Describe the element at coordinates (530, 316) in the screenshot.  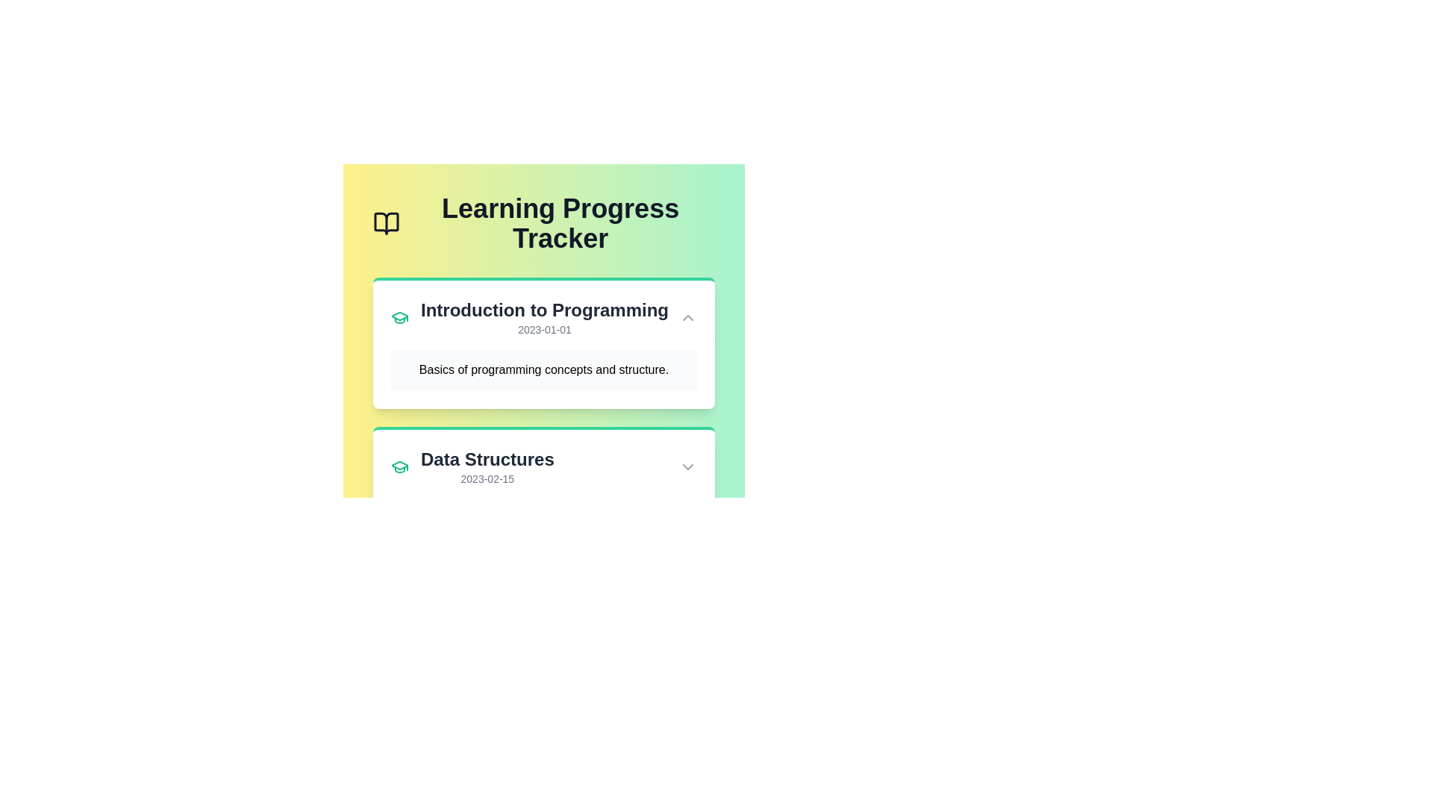
I see `the list item labeled 'Introduction to Programming'` at that location.